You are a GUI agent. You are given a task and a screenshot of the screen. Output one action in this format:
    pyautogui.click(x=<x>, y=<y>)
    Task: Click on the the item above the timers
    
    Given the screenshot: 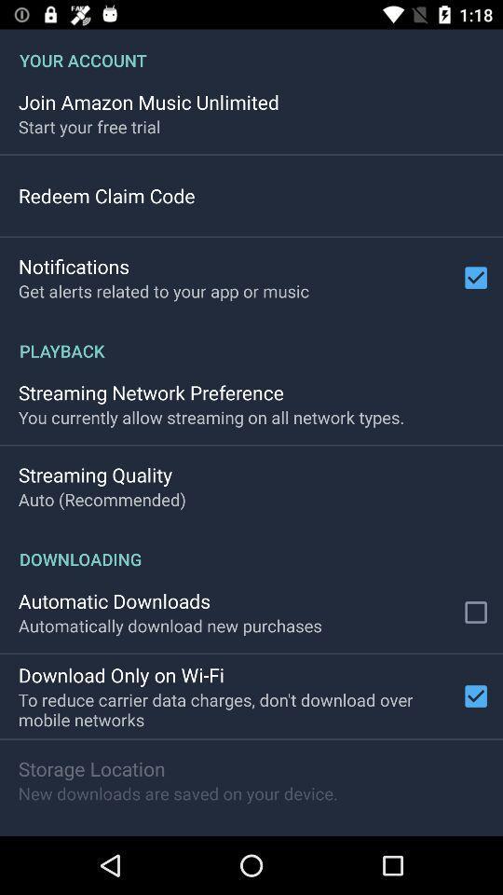 What is the action you would take?
    pyautogui.click(x=178, y=792)
    